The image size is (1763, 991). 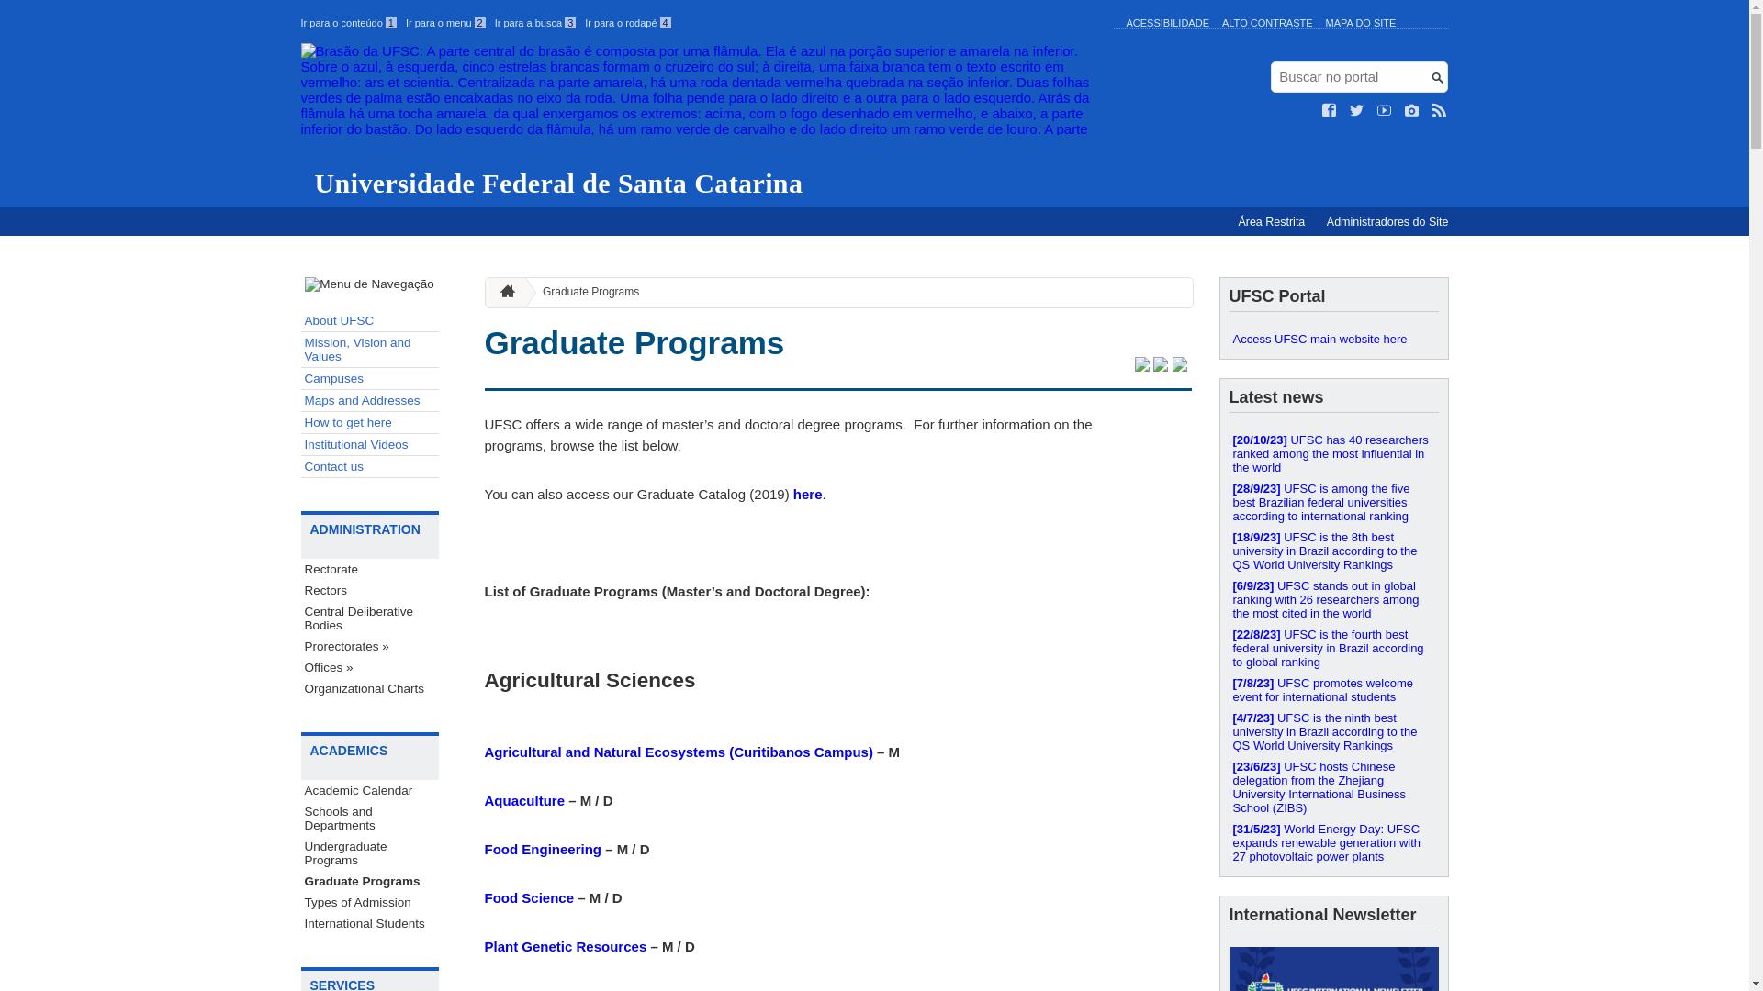 I want to click on 'Organizational Charts', so click(x=300, y=688).